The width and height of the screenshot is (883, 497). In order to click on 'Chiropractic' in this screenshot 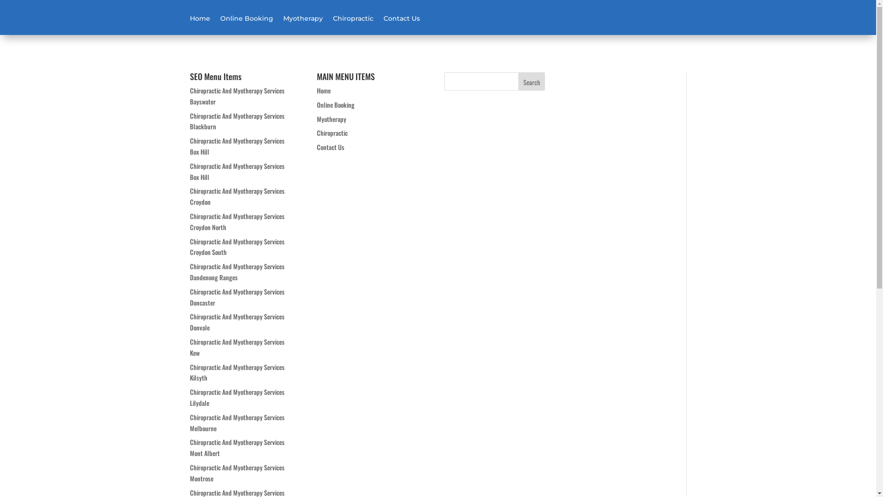, I will do `click(353, 24)`.